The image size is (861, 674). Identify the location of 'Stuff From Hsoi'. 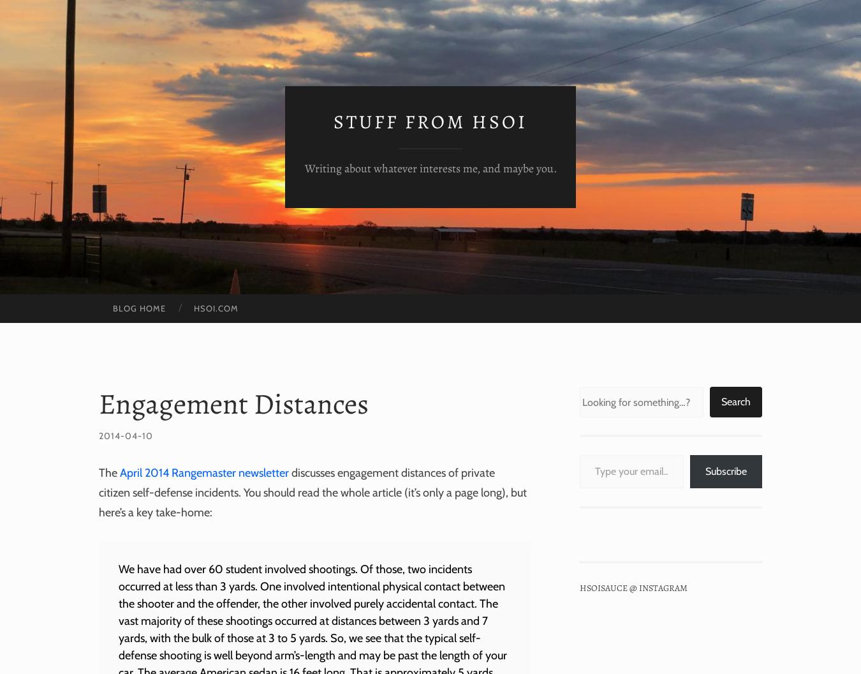
(430, 121).